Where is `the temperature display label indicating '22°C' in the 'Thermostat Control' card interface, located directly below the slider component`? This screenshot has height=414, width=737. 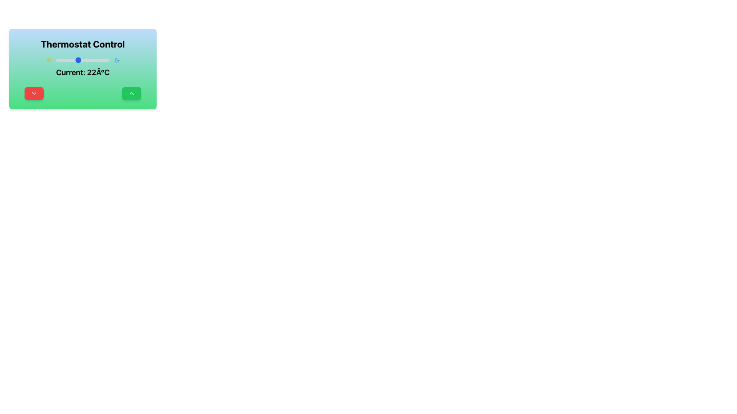 the temperature display label indicating '22°C' in the 'Thermostat Control' card interface, located directly below the slider component is located at coordinates (83, 66).